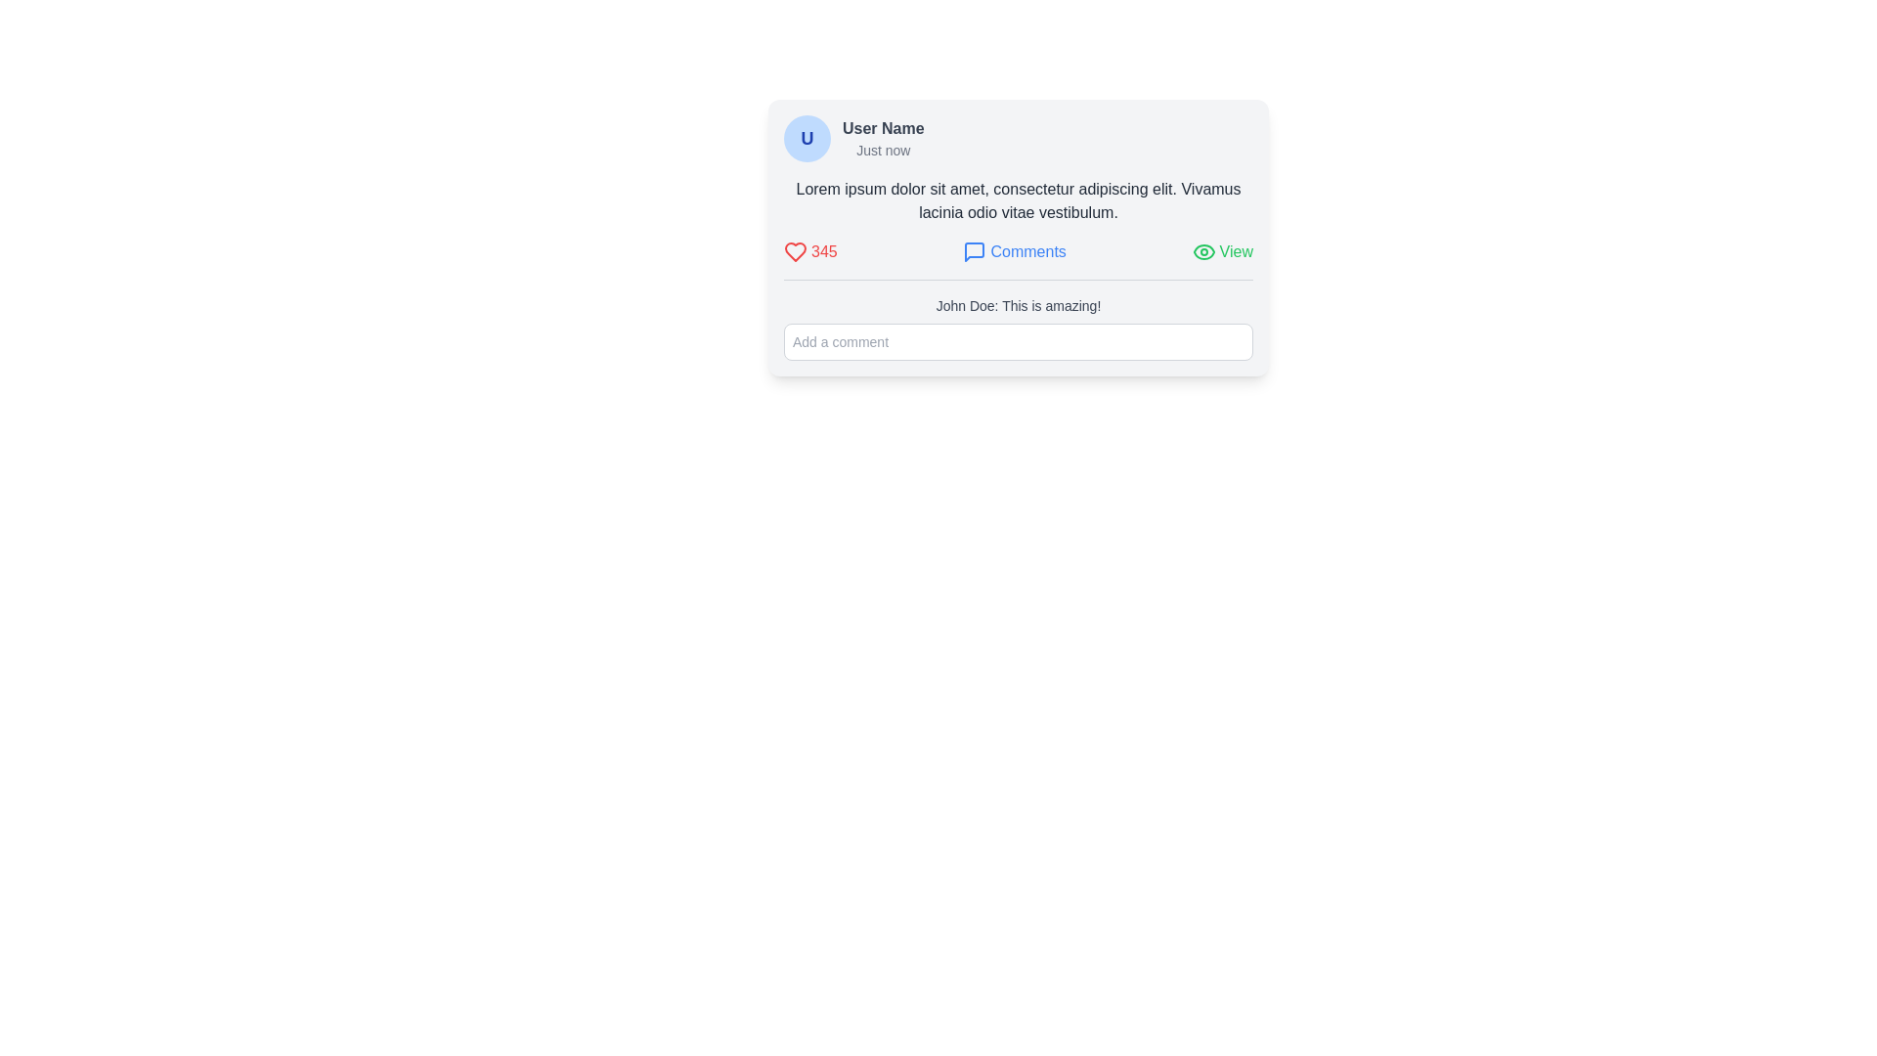  What do you see at coordinates (1017, 319) in the screenshot?
I see `the comment display element showing 'John Doe: This is amazing!' located above the input box labeled 'Add a comment'` at bounding box center [1017, 319].